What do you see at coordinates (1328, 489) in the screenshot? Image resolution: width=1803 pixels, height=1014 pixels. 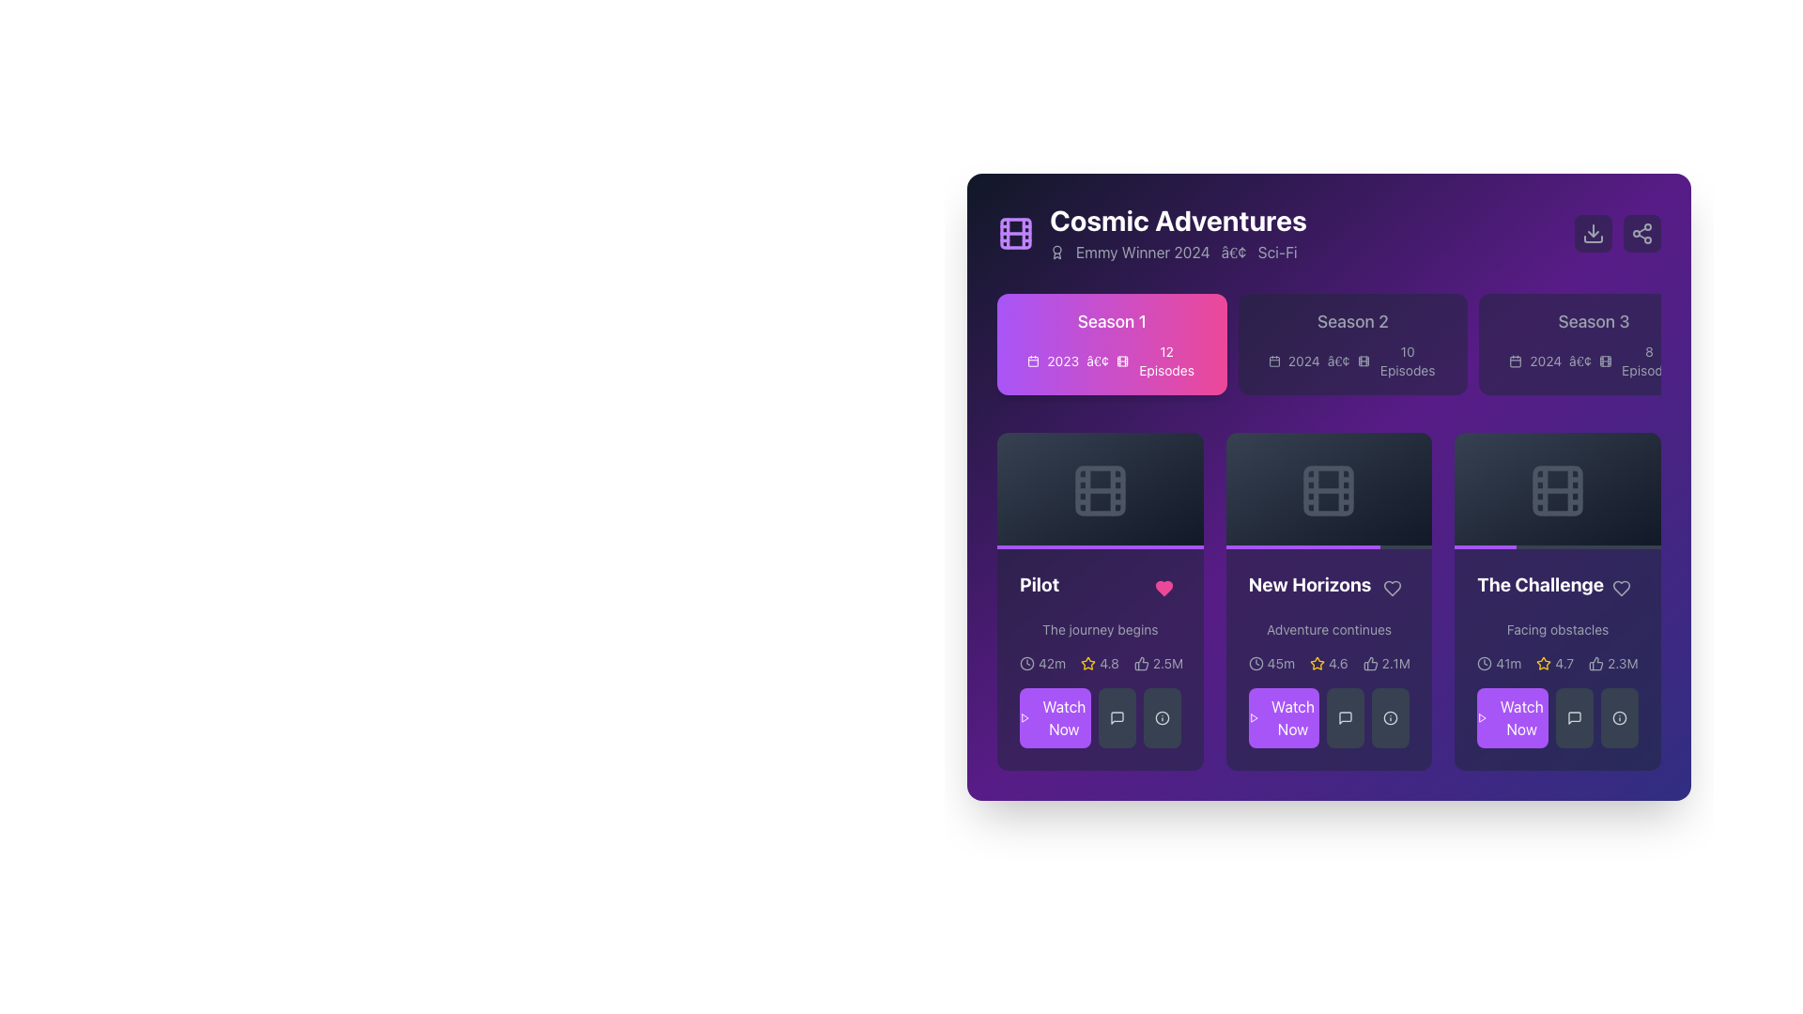 I see `the icon representing the media item titled 'New Horizons' located in the center of the second card in the second row of the interface` at bounding box center [1328, 489].